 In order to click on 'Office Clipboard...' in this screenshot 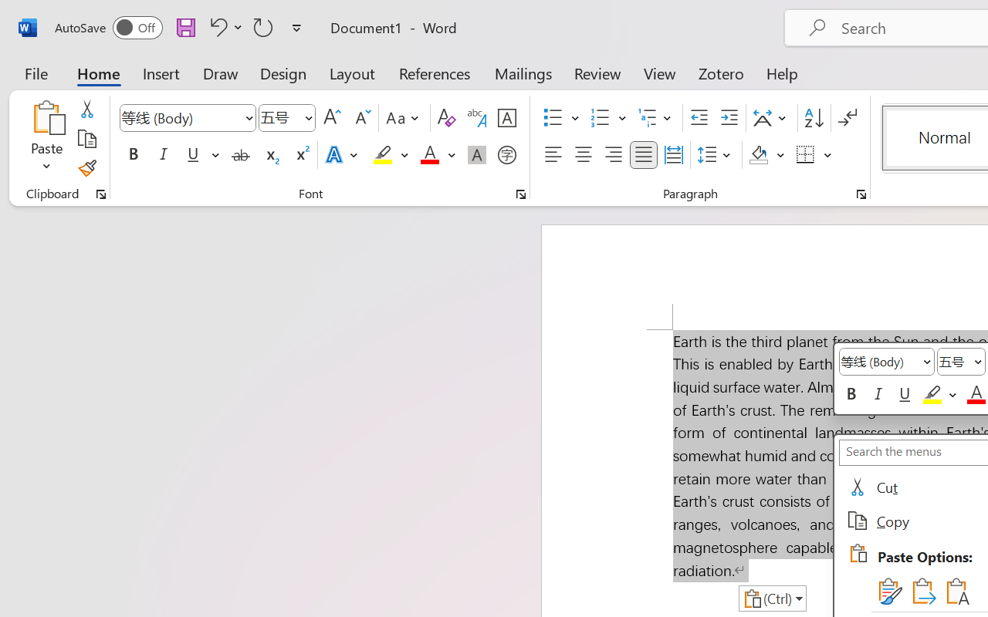, I will do `click(100, 194)`.